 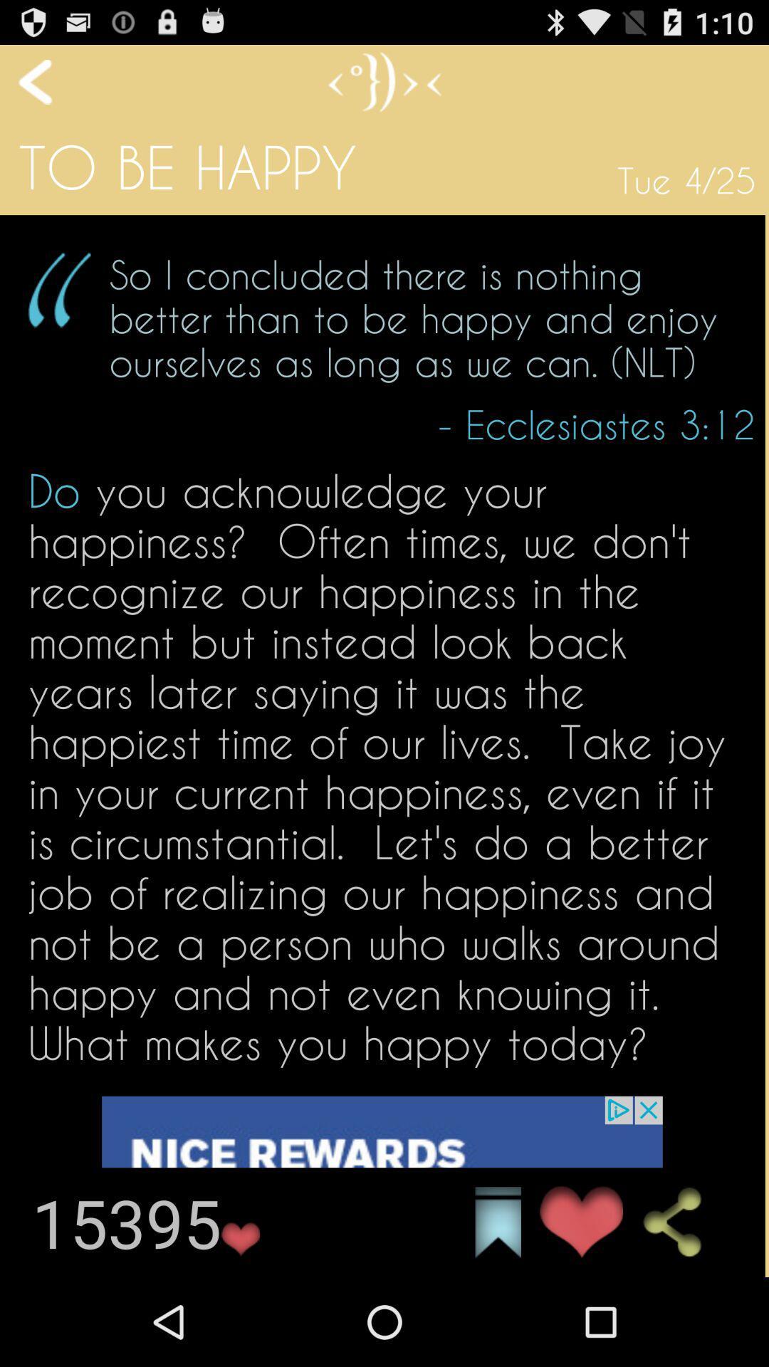 I want to click on advertisement, so click(x=381, y=1186).